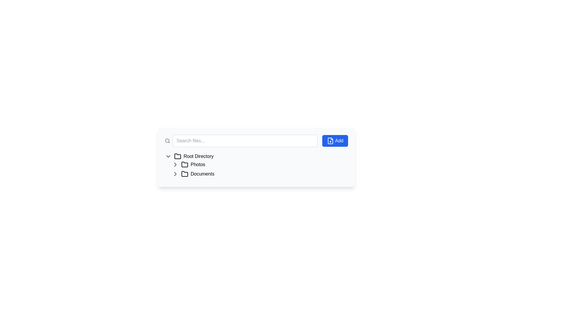 The height and width of the screenshot is (317, 564). I want to click on the 'Documents' folder icon, so click(184, 173).